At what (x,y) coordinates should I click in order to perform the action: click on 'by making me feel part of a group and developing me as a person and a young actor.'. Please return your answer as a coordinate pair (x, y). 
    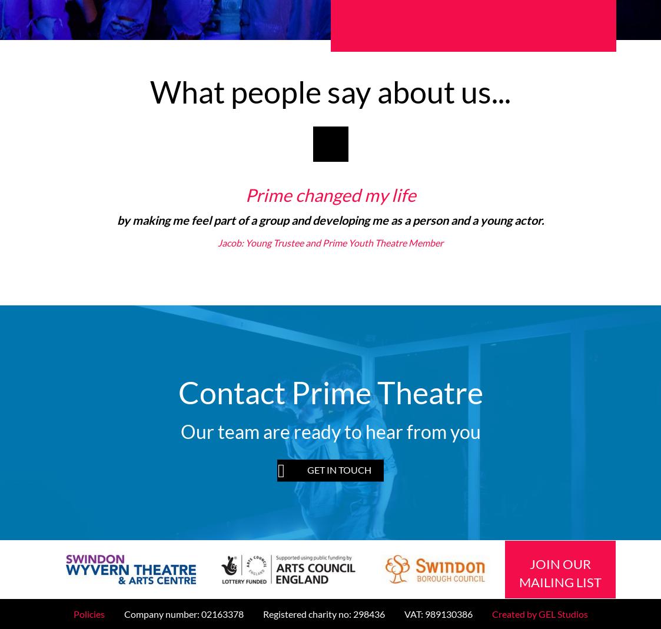
    Looking at the image, I should click on (116, 220).